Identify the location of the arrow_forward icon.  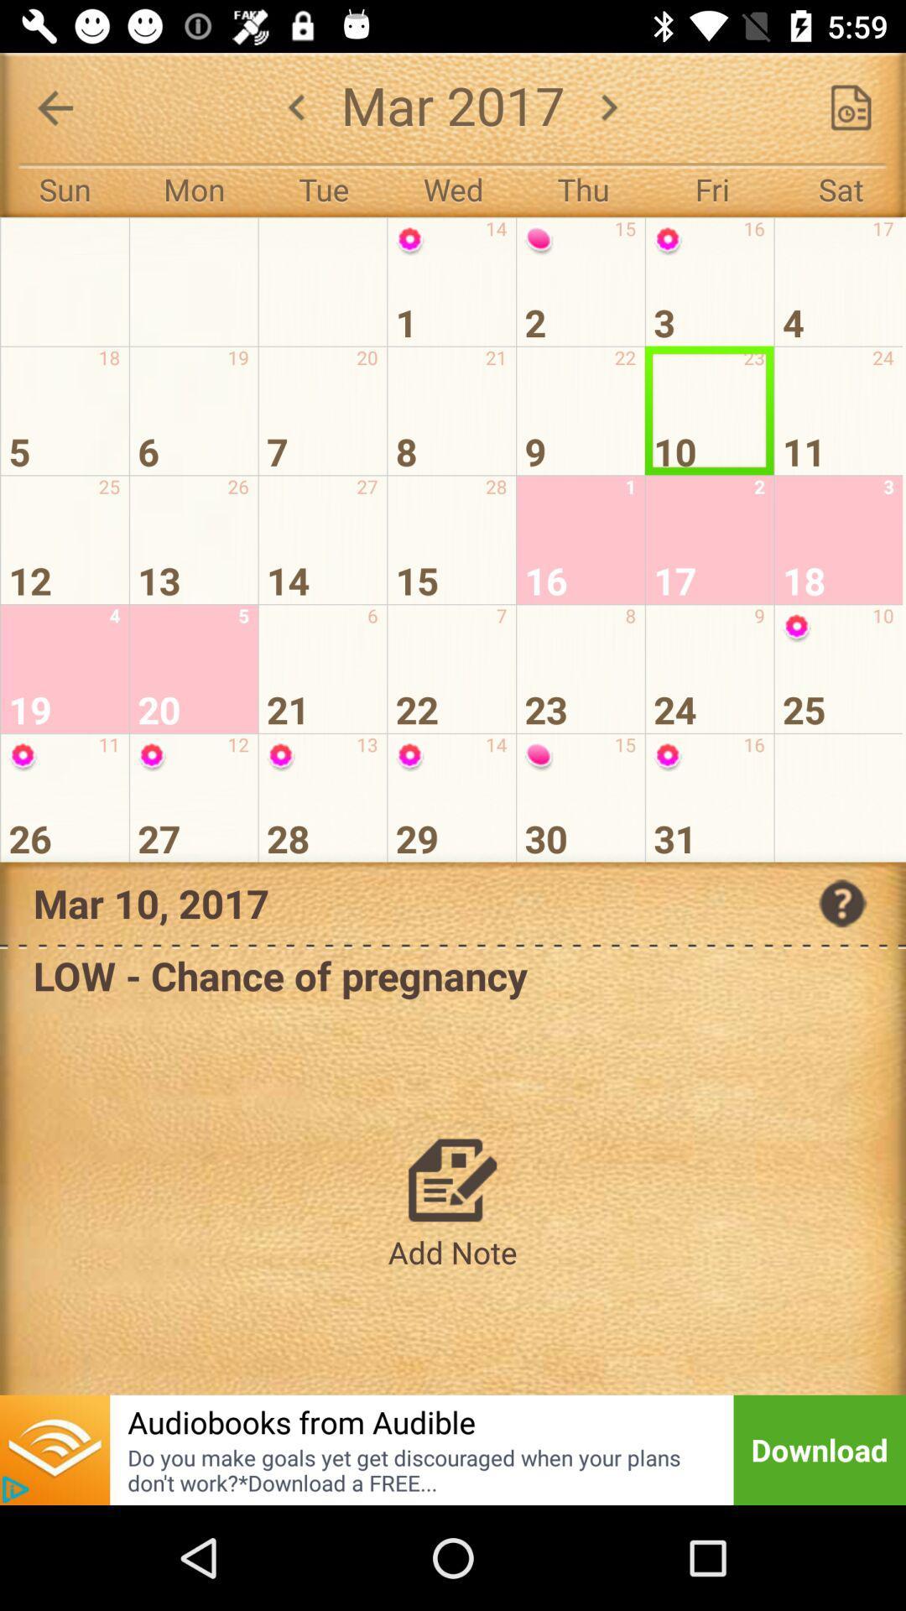
(608, 107).